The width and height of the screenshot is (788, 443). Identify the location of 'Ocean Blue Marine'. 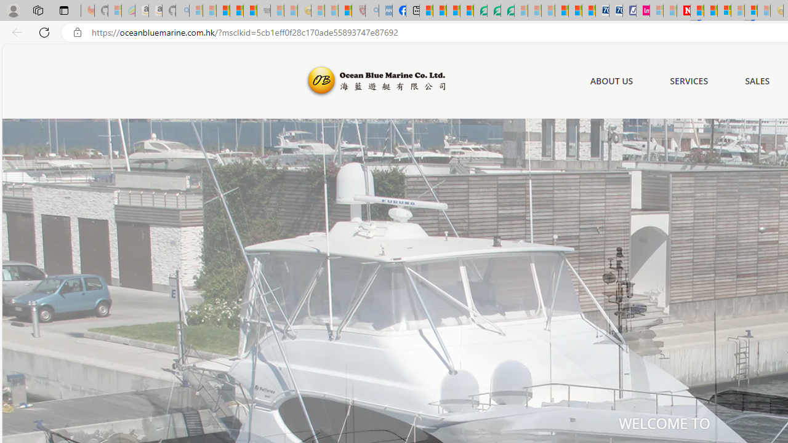
(374, 81).